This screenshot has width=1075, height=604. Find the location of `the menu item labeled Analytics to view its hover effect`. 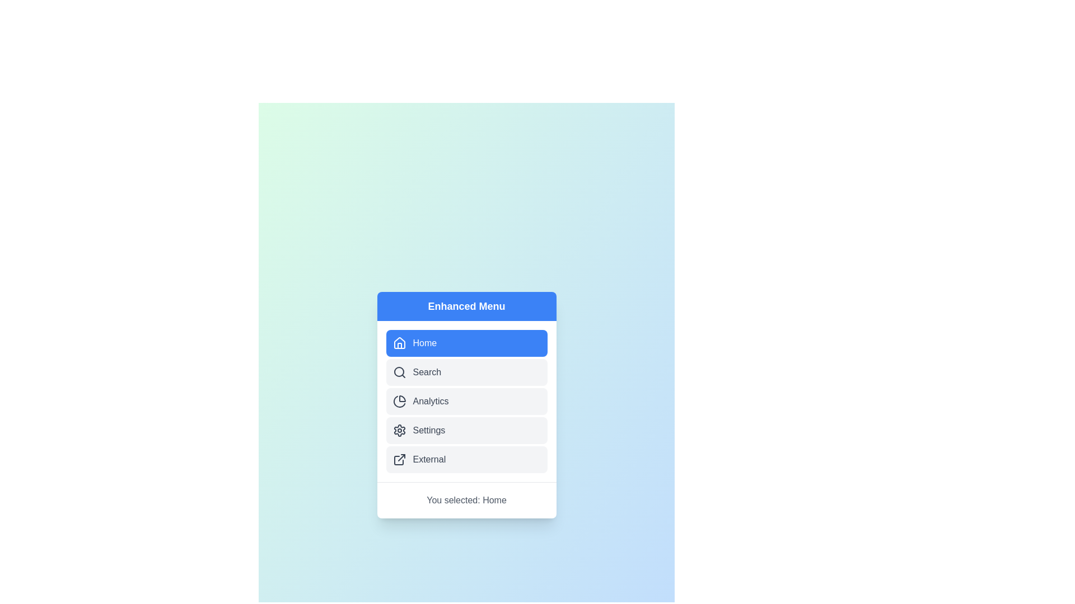

the menu item labeled Analytics to view its hover effect is located at coordinates (466, 400).